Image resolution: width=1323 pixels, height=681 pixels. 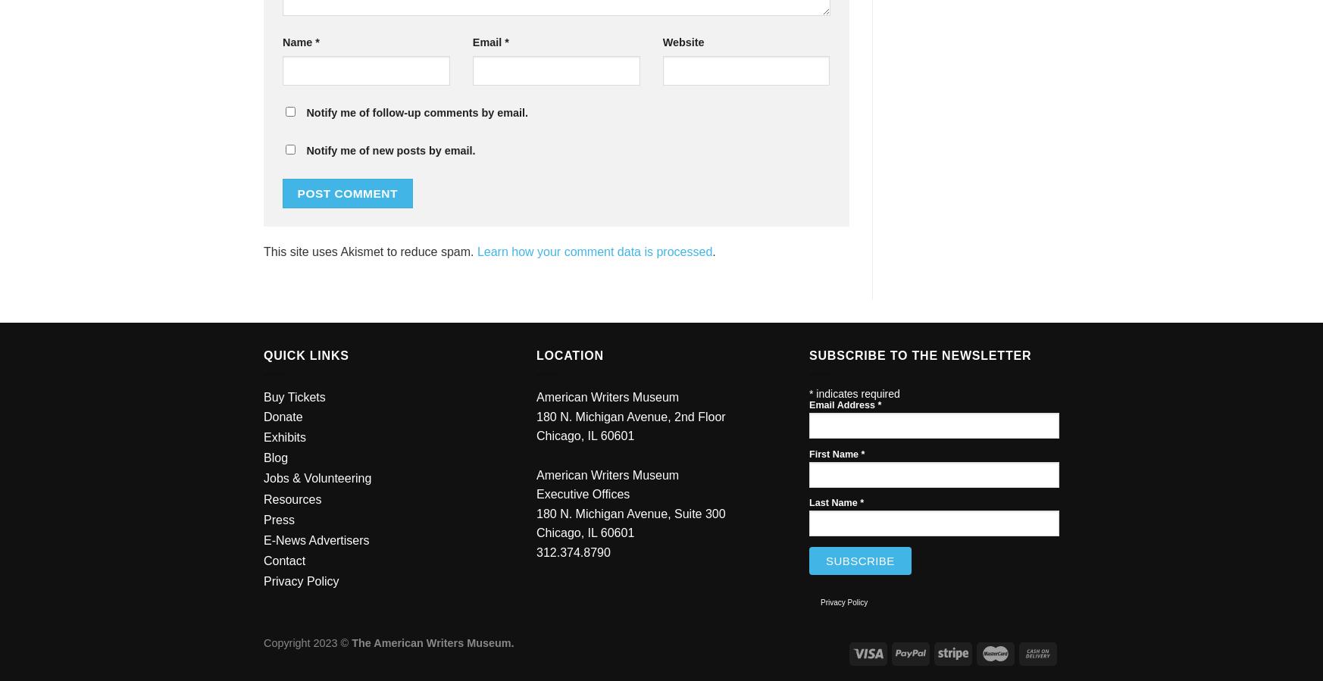 I want to click on 'Last Name', so click(x=834, y=502).